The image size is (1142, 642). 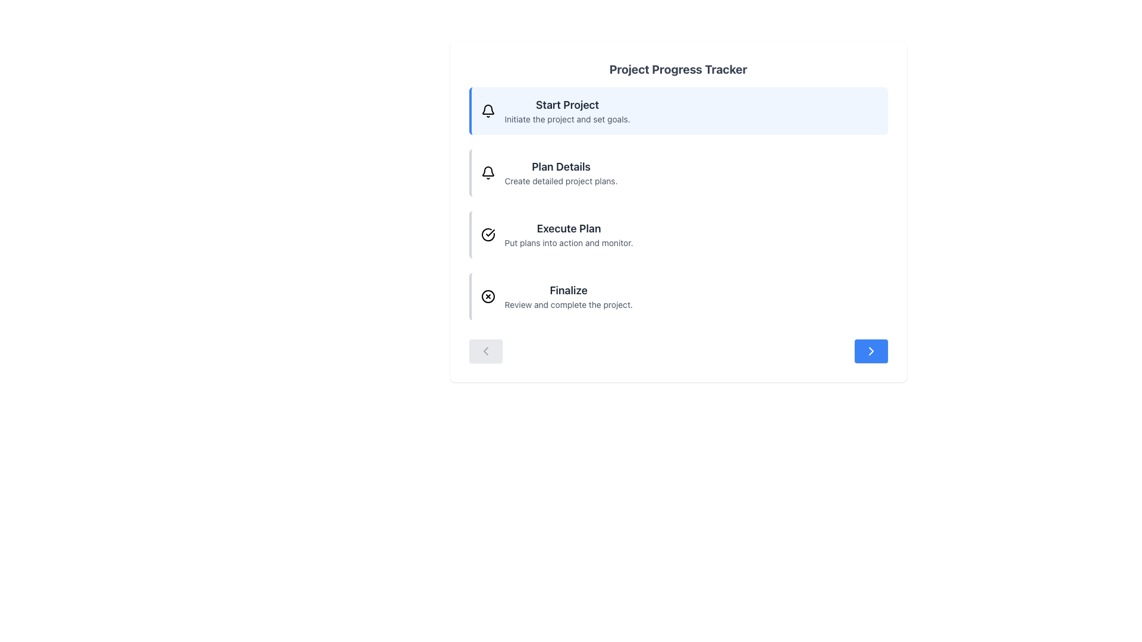 What do you see at coordinates (568, 291) in the screenshot?
I see `the Text Label that serves as the heading for the final step in a sequence of tasks, positioned above the description 'Review and complete the project.'` at bounding box center [568, 291].